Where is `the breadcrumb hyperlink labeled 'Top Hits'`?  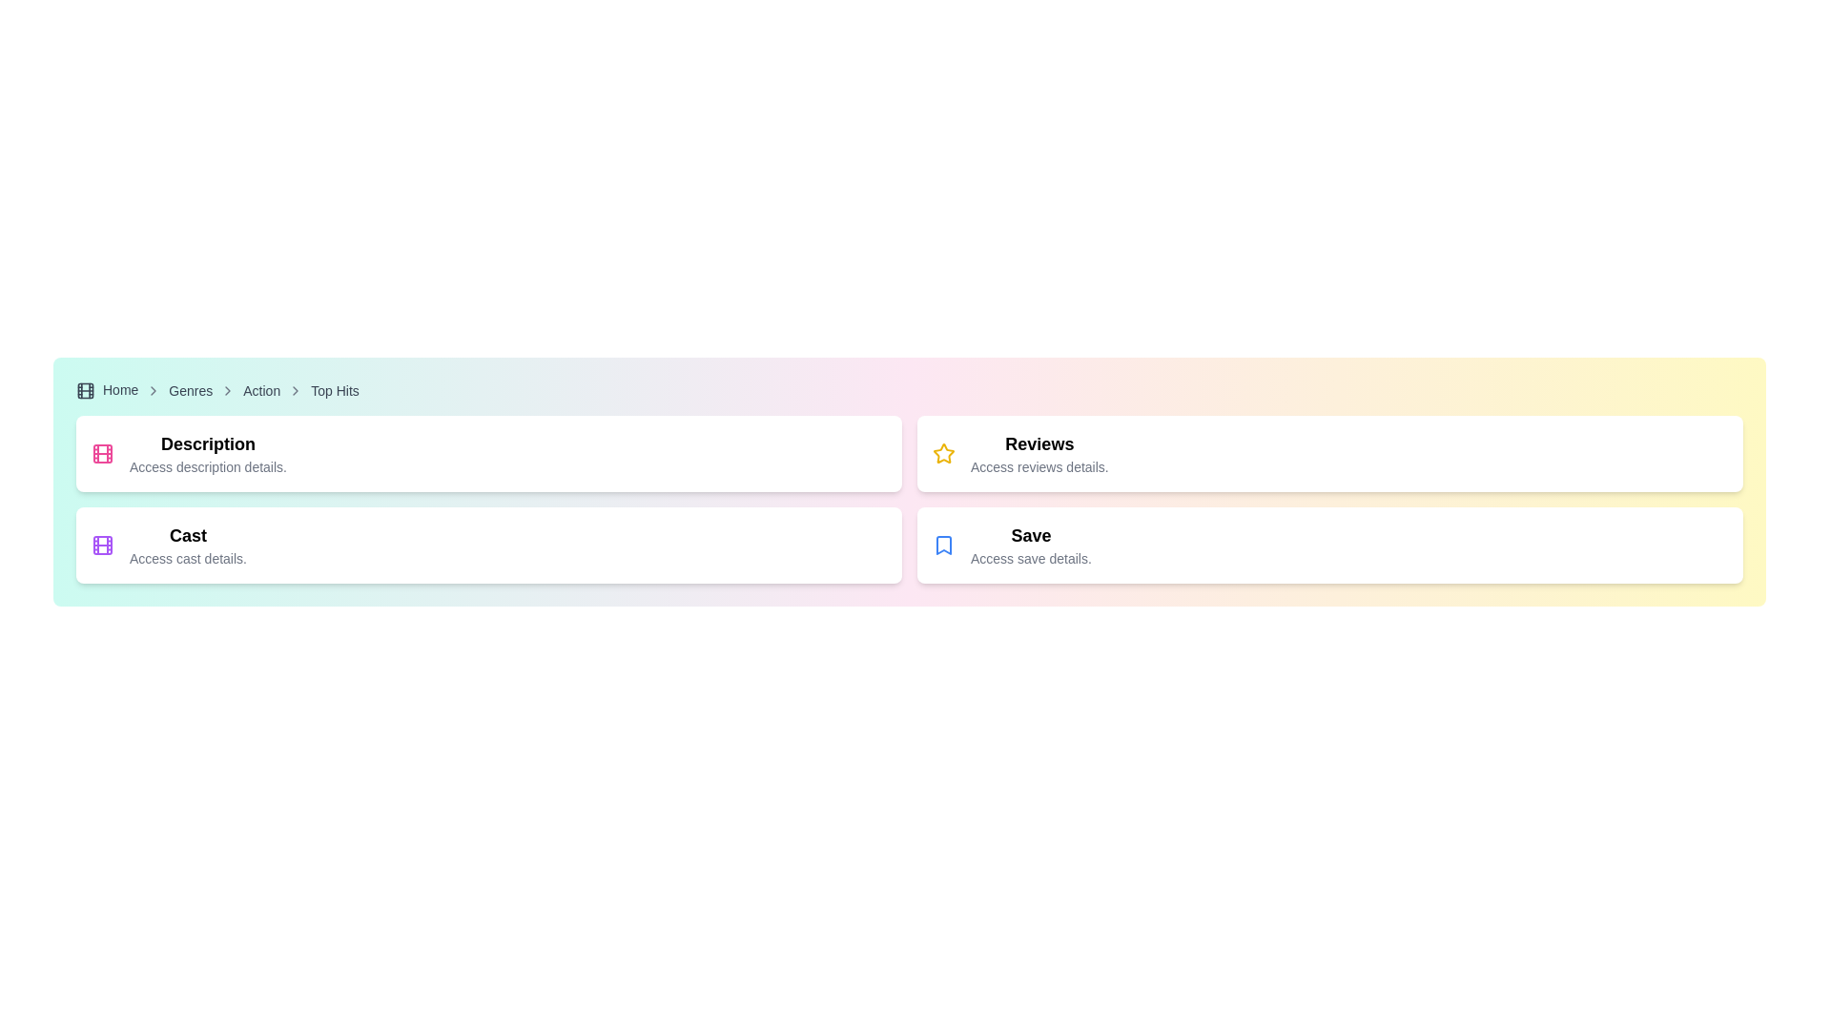 the breadcrumb hyperlink labeled 'Top Hits' is located at coordinates (335, 389).